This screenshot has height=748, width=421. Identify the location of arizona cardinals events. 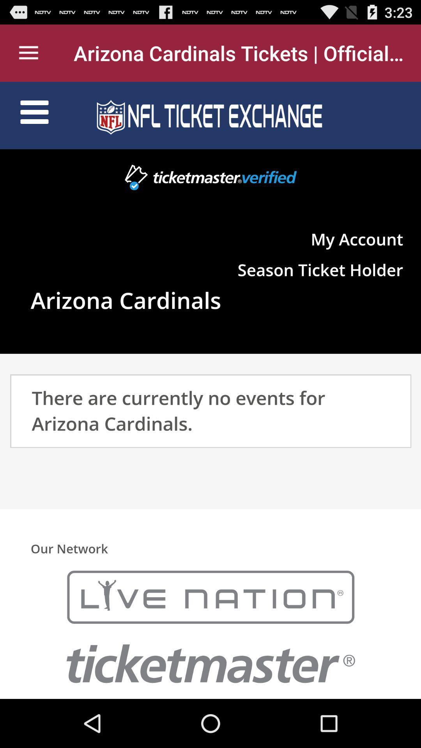
(210, 390).